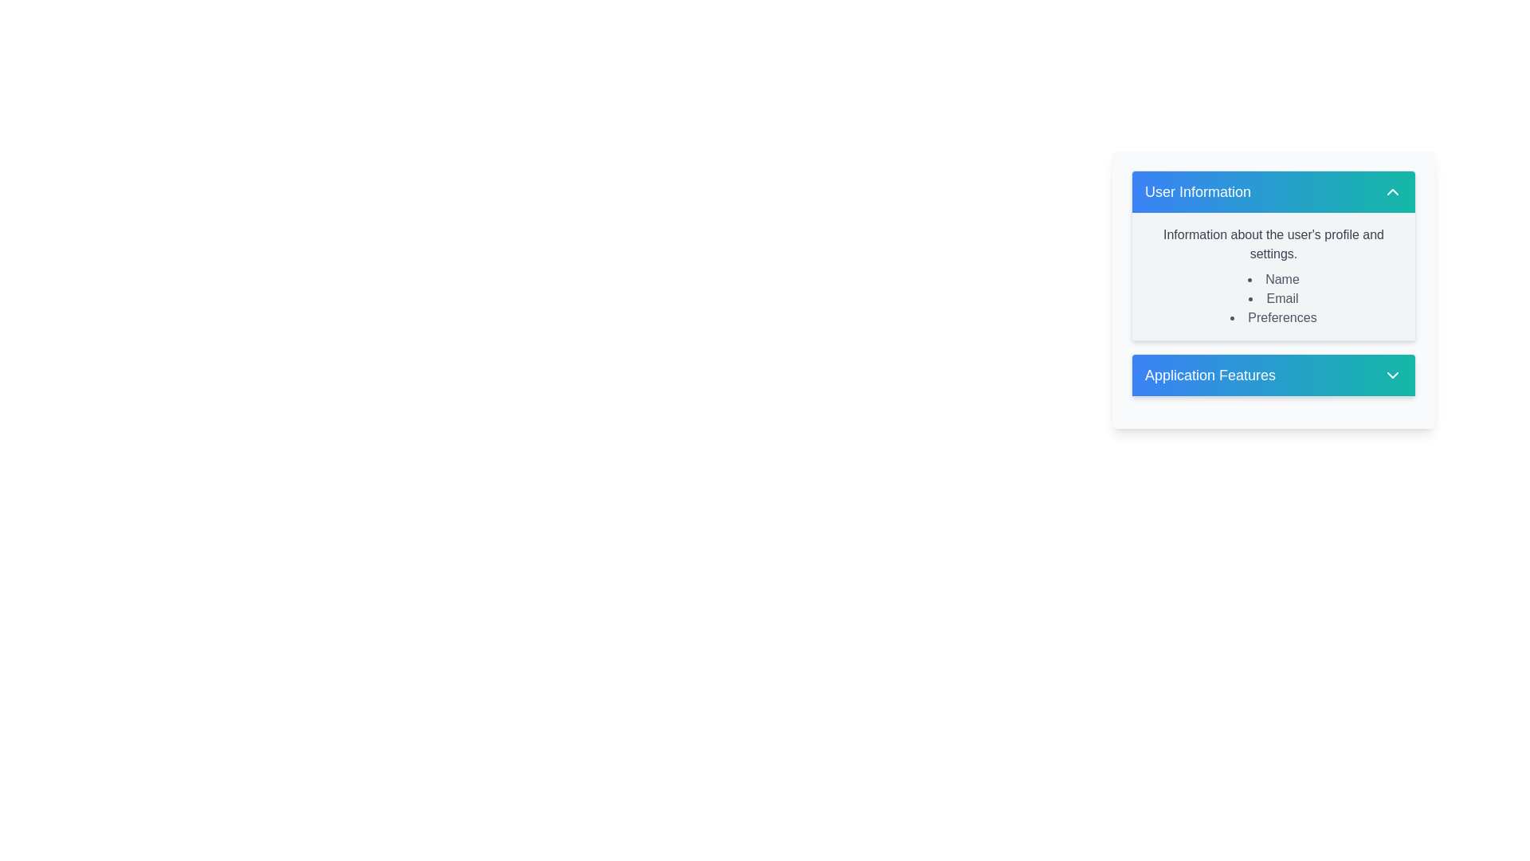 Image resolution: width=1530 pixels, height=861 pixels. I want to click on the Collapsible Header titled 'Application Features', which has a gradient background from blue to teal and is visually distinct with rounded corners and a shadow effect, so click(1273, 375).